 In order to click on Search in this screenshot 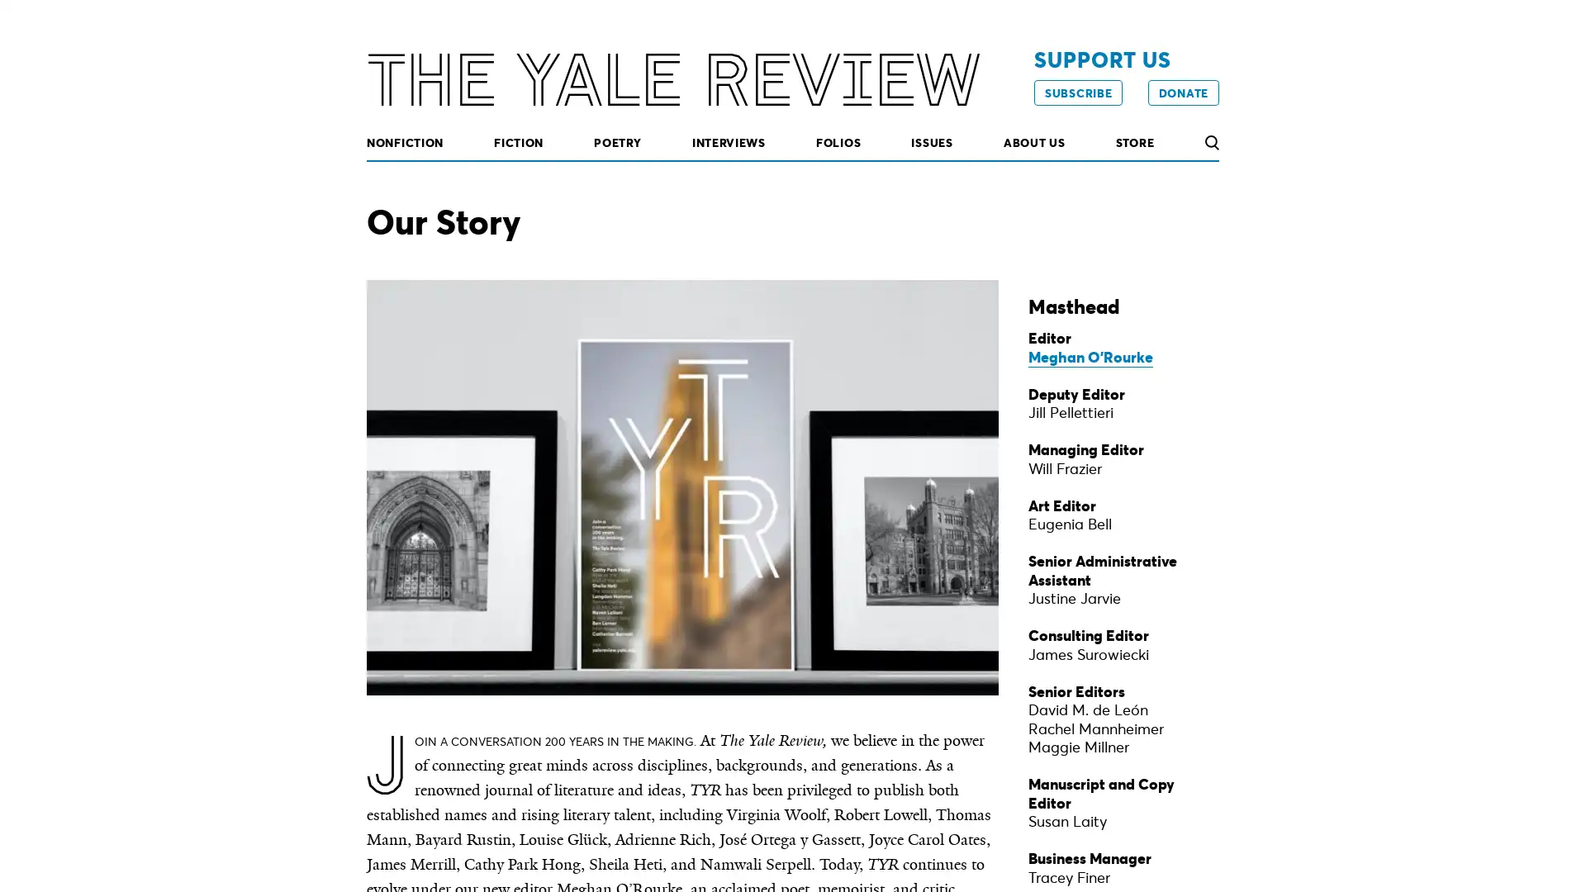, I will do `click(1211, 142)`.